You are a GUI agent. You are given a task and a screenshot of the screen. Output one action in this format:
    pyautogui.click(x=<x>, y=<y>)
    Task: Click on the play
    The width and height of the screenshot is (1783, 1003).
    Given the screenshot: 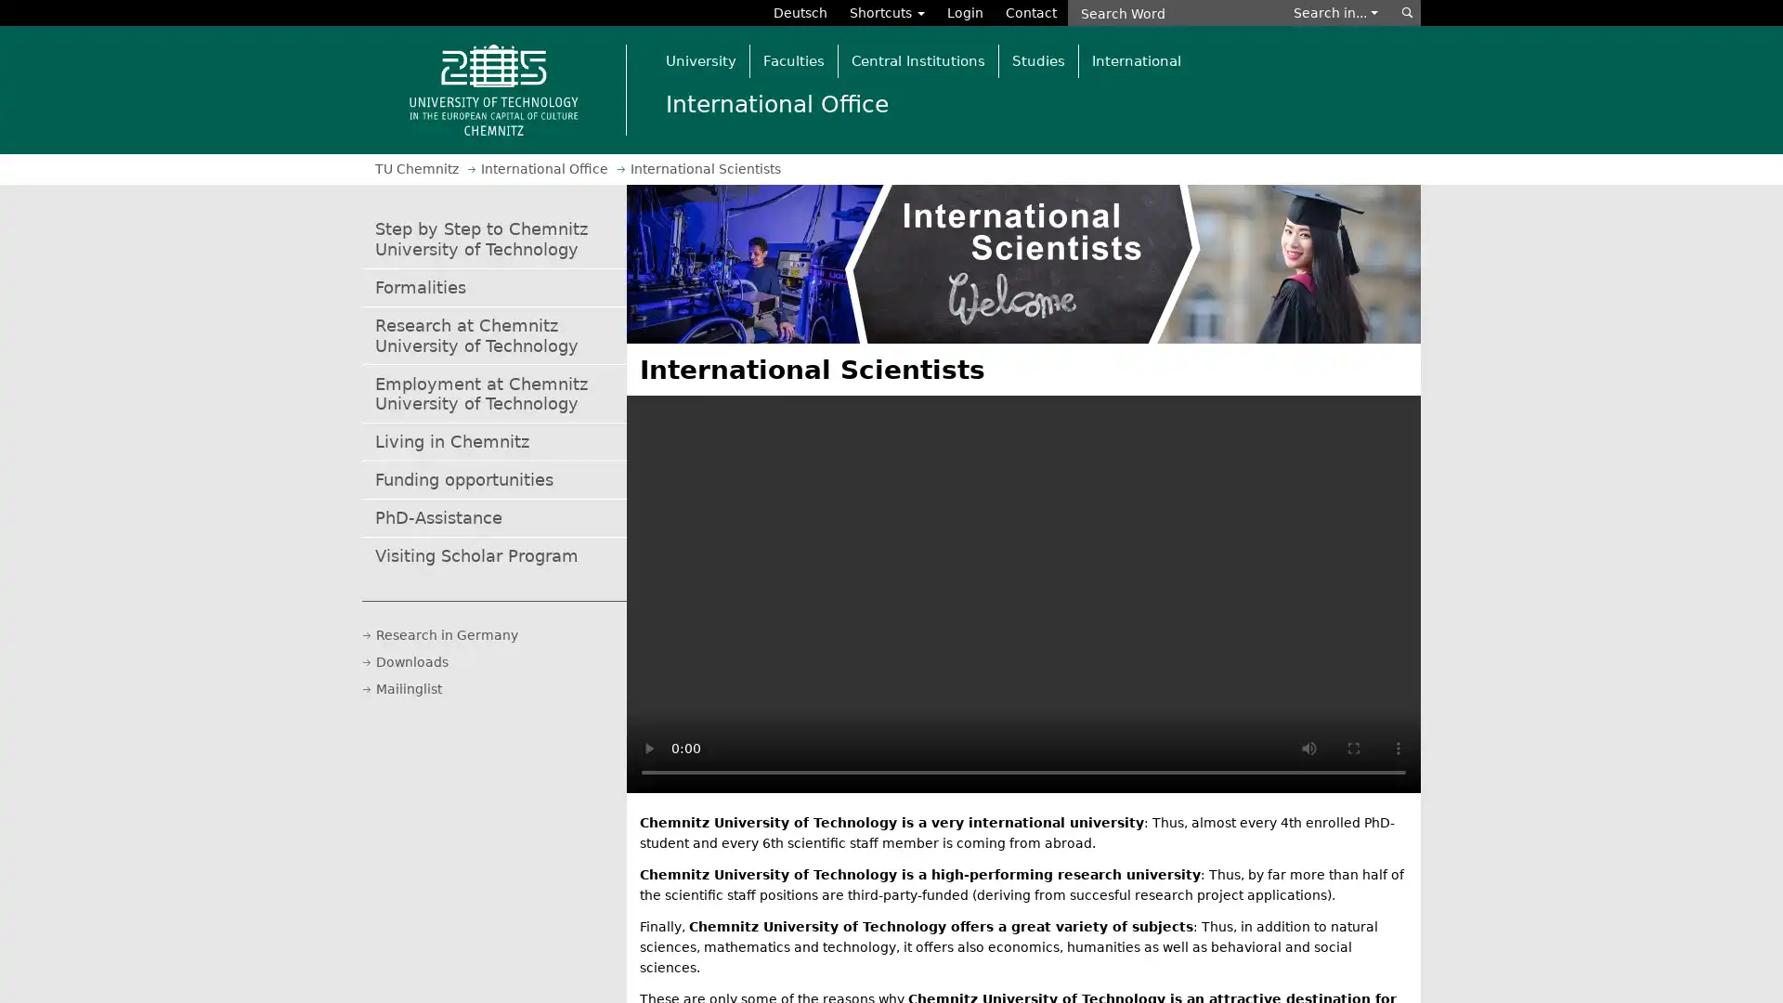 What is the action you would take?
    pyautogui.click(x=649, y=747)
    